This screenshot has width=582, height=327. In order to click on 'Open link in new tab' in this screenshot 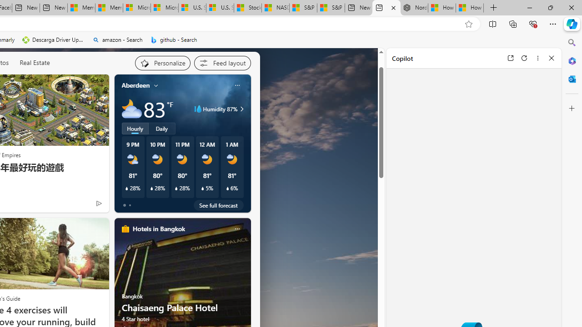, I will do `click(510, 58)`.